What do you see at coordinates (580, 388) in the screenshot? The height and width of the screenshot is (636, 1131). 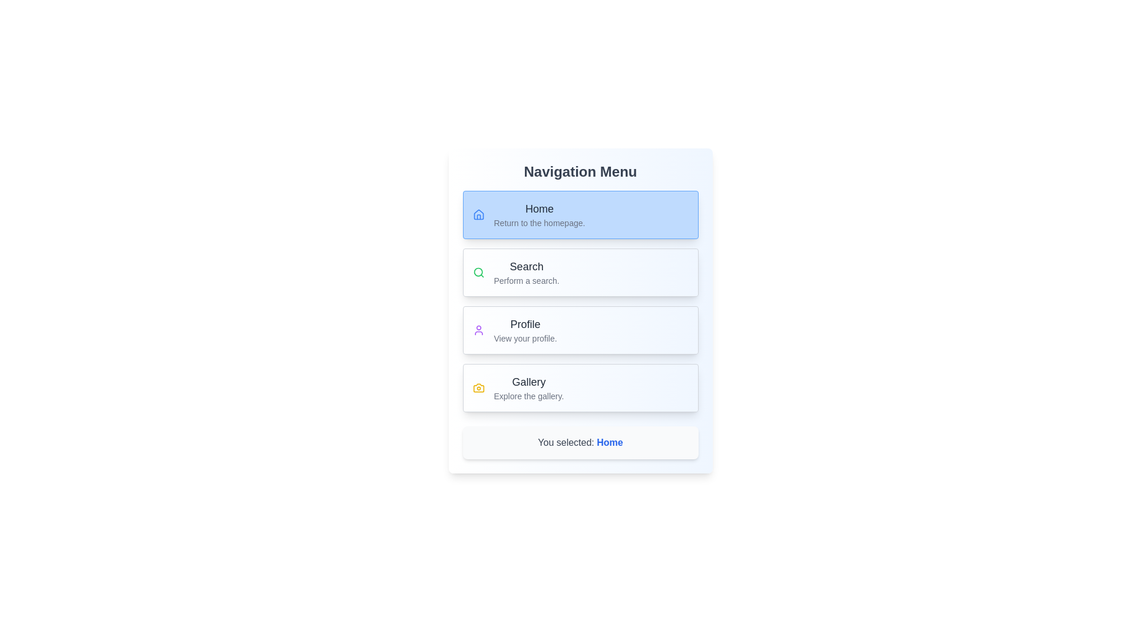 I see `the menu item labeled Gallery to view its hover effect` at bounding box center [580, 388].